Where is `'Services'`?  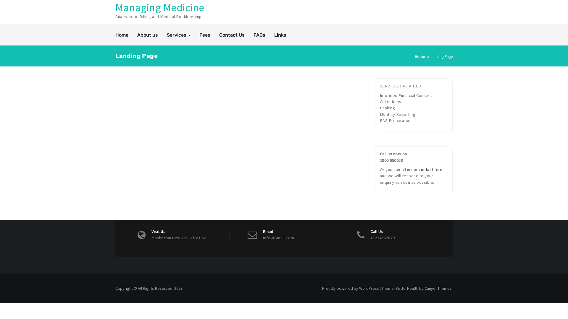 'Services' is located at coordinates (178, 35).